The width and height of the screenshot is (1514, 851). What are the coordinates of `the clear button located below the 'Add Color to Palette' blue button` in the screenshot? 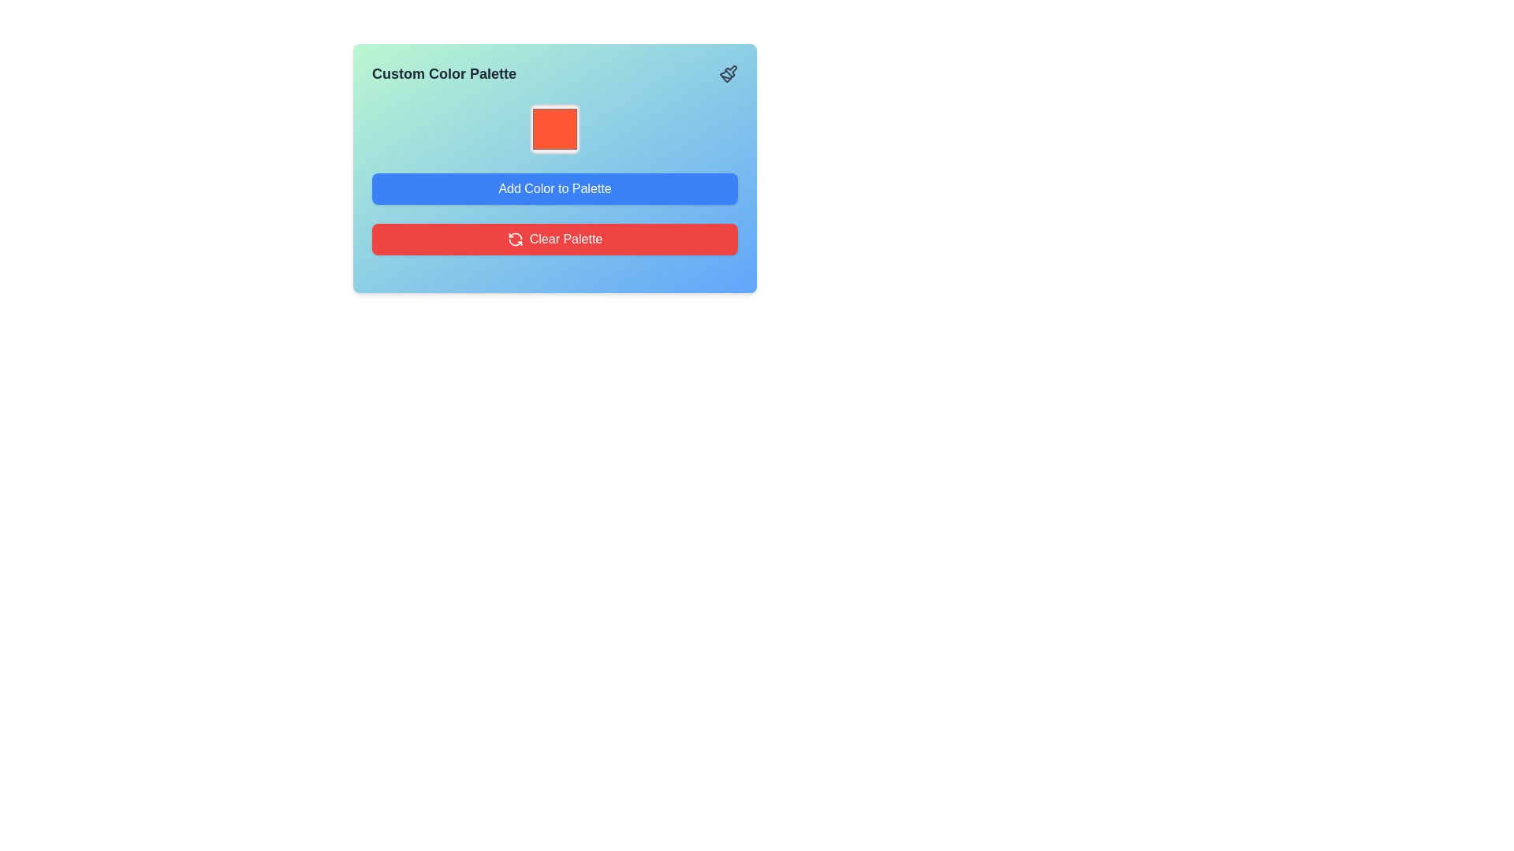 It's located at (566, 240).